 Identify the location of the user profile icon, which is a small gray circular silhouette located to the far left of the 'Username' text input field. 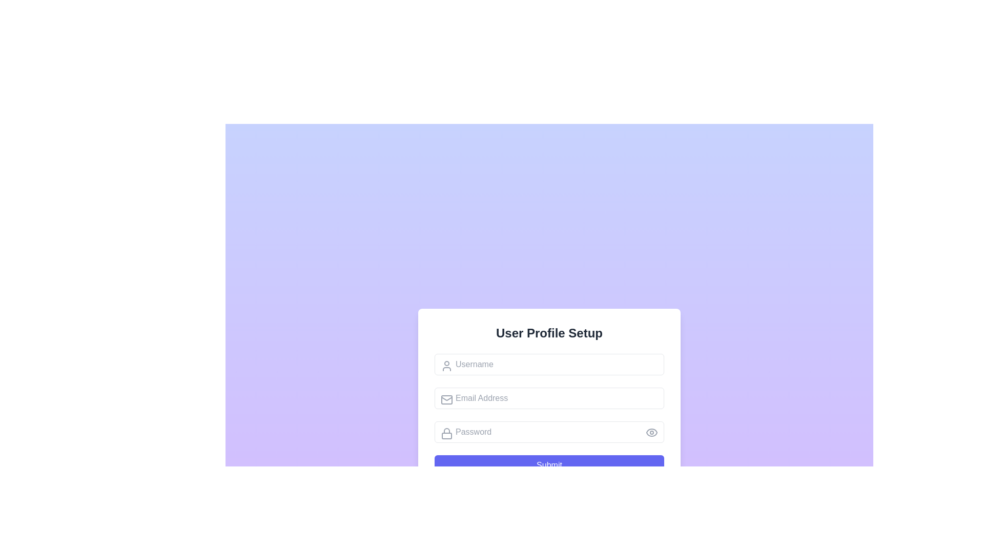
(447, 365).